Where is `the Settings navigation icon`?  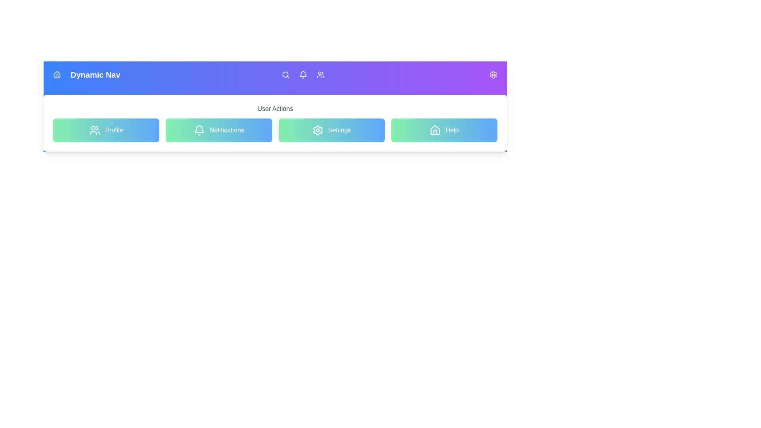
the Settings navigation icon is located at coordinates (493, 75).